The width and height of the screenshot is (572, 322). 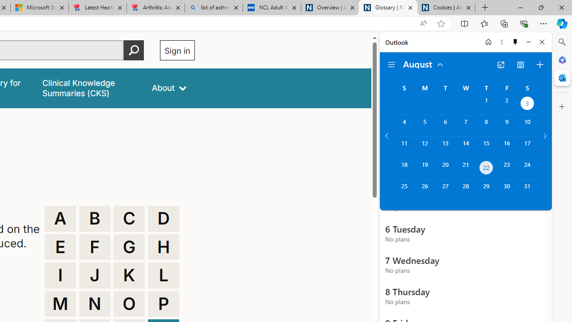 I want to click on 'Tuesday, August 27, 2024. ', so click(x=445, y=190).